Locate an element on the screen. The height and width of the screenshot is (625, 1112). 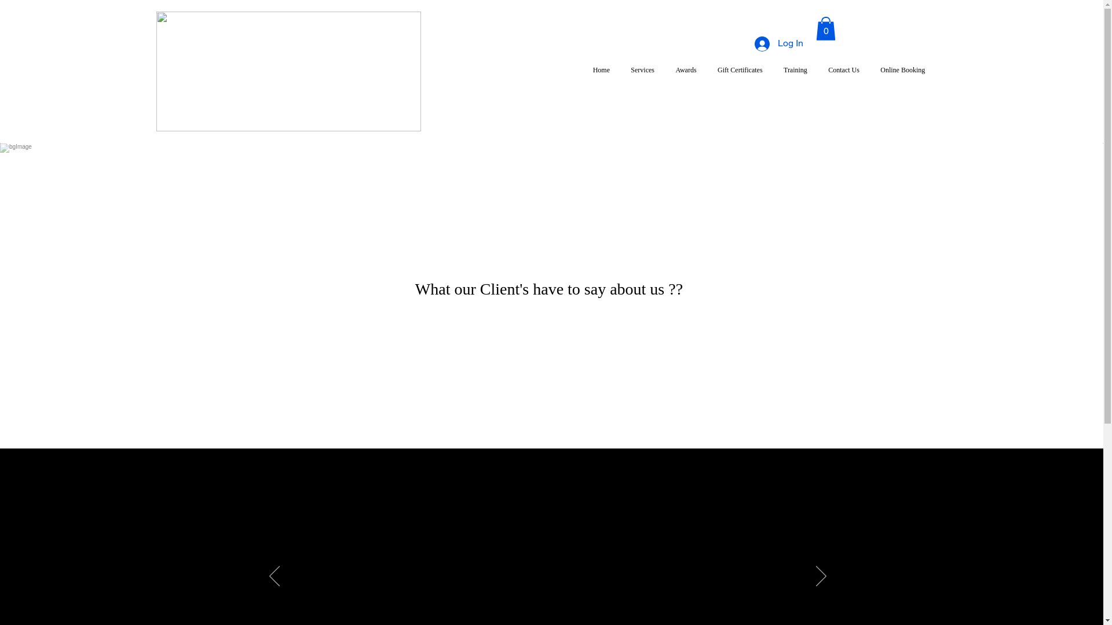
'Online Booking' is located at coordinates (902, 69).